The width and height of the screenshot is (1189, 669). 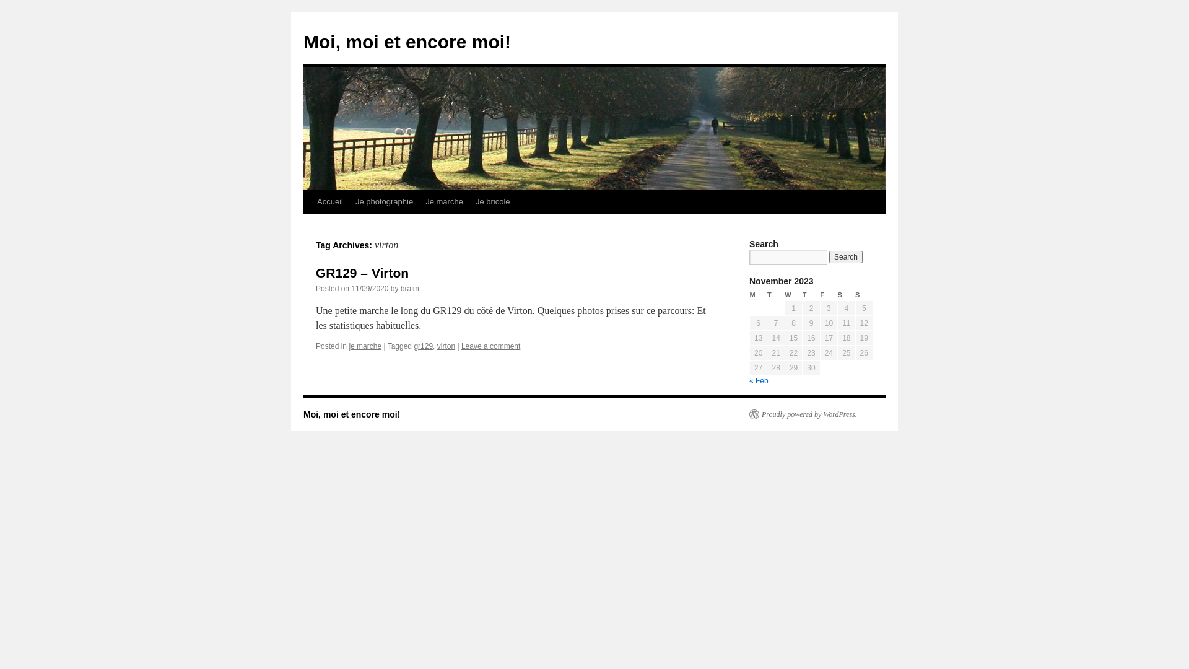 What do you see at coordinates (368, 289) in the screenshot?
I see `'11/09/2020'` at bounding box center [368, 289].